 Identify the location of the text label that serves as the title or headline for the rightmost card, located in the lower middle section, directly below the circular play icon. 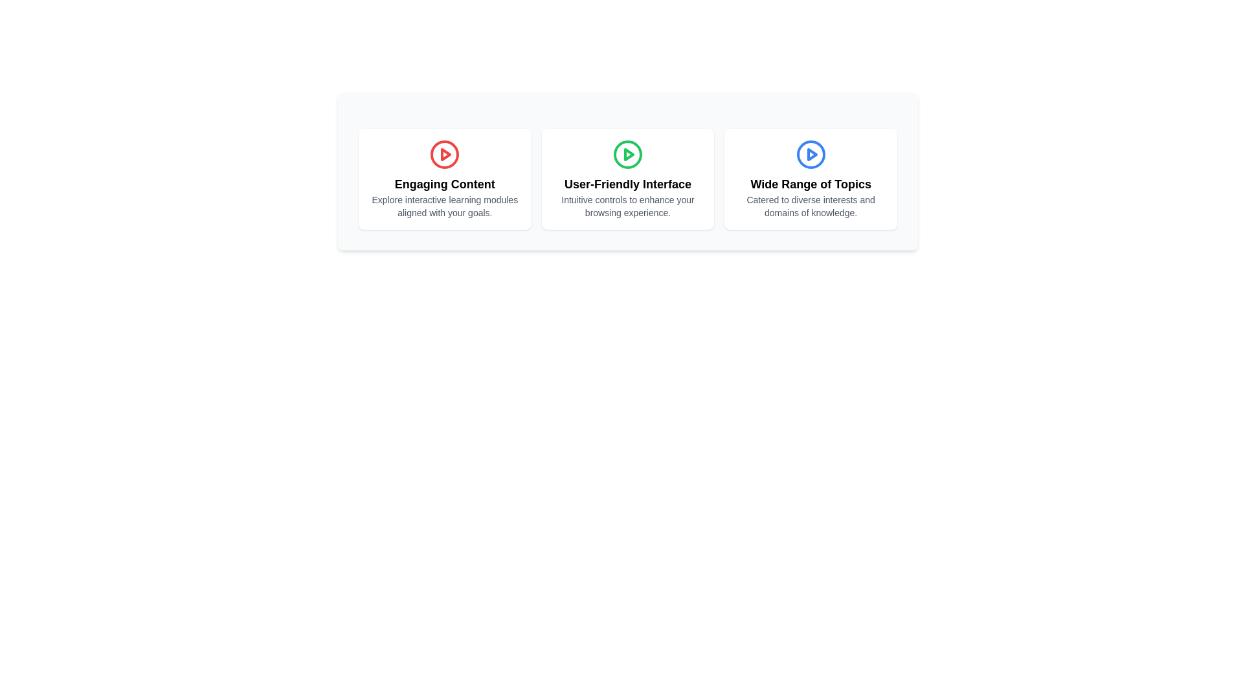
(810, 184).